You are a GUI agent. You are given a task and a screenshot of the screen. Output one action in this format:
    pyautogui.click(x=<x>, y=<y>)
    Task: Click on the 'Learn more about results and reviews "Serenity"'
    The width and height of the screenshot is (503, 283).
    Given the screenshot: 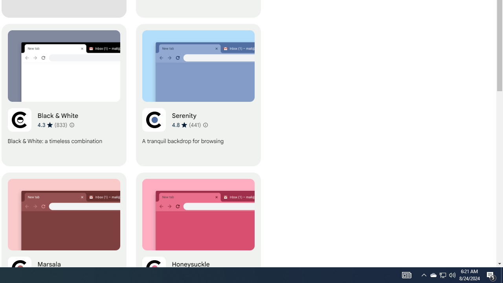 What is the action you would take?
    pyautogui.click(x=205, y=124)
    